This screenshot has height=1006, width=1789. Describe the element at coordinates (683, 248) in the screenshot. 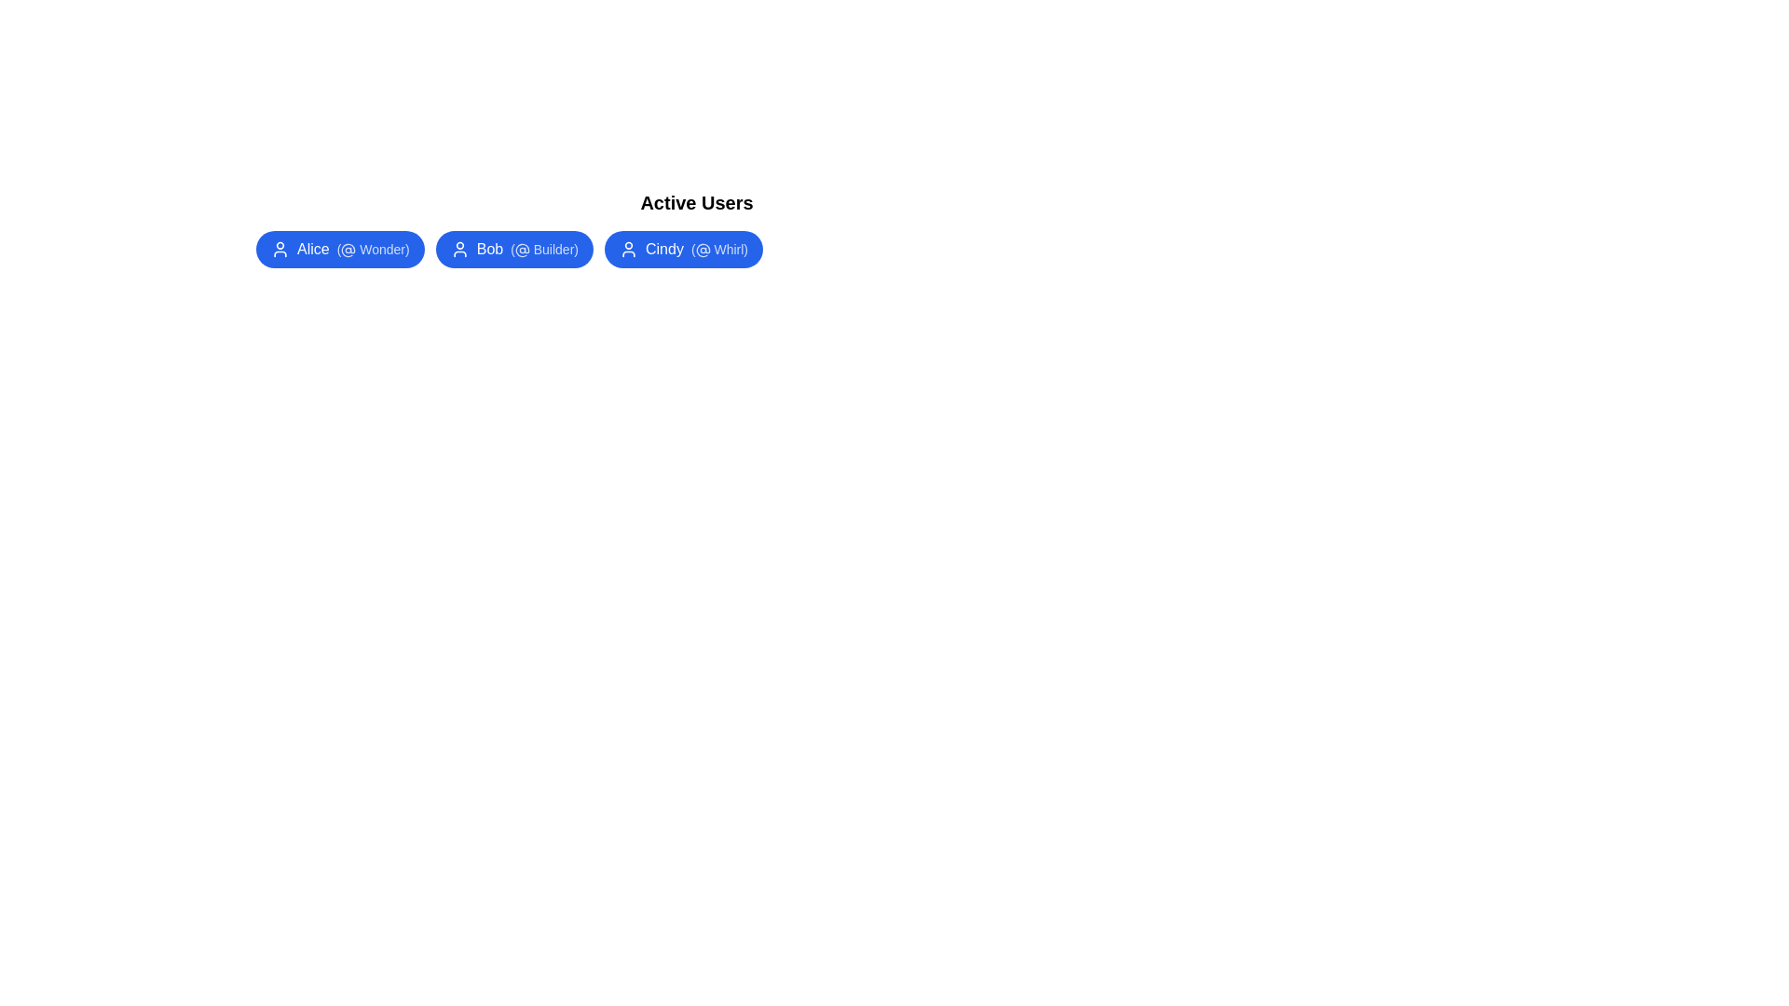

I see `the chip representing Cindy` at that location.